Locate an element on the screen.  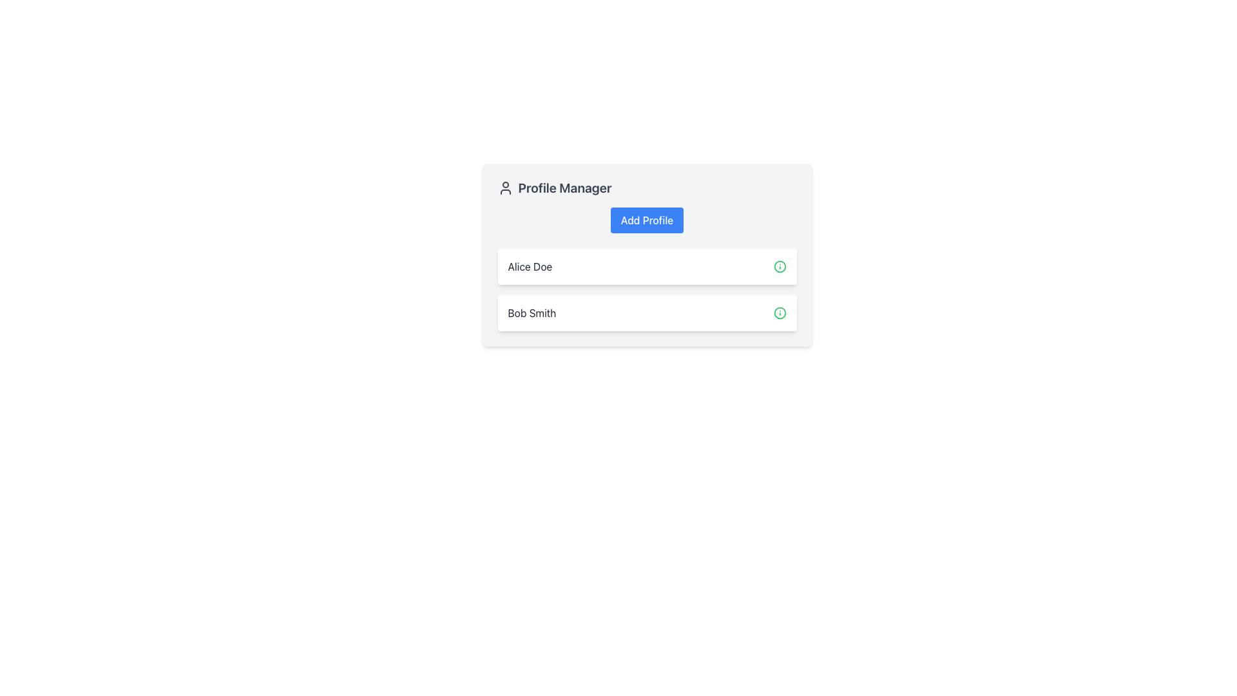
the 'Add Profile' button, which is a rectangular button with a blue background and white bold text, located in the 'Profile Manager' section is located at coordinates (647, 220).